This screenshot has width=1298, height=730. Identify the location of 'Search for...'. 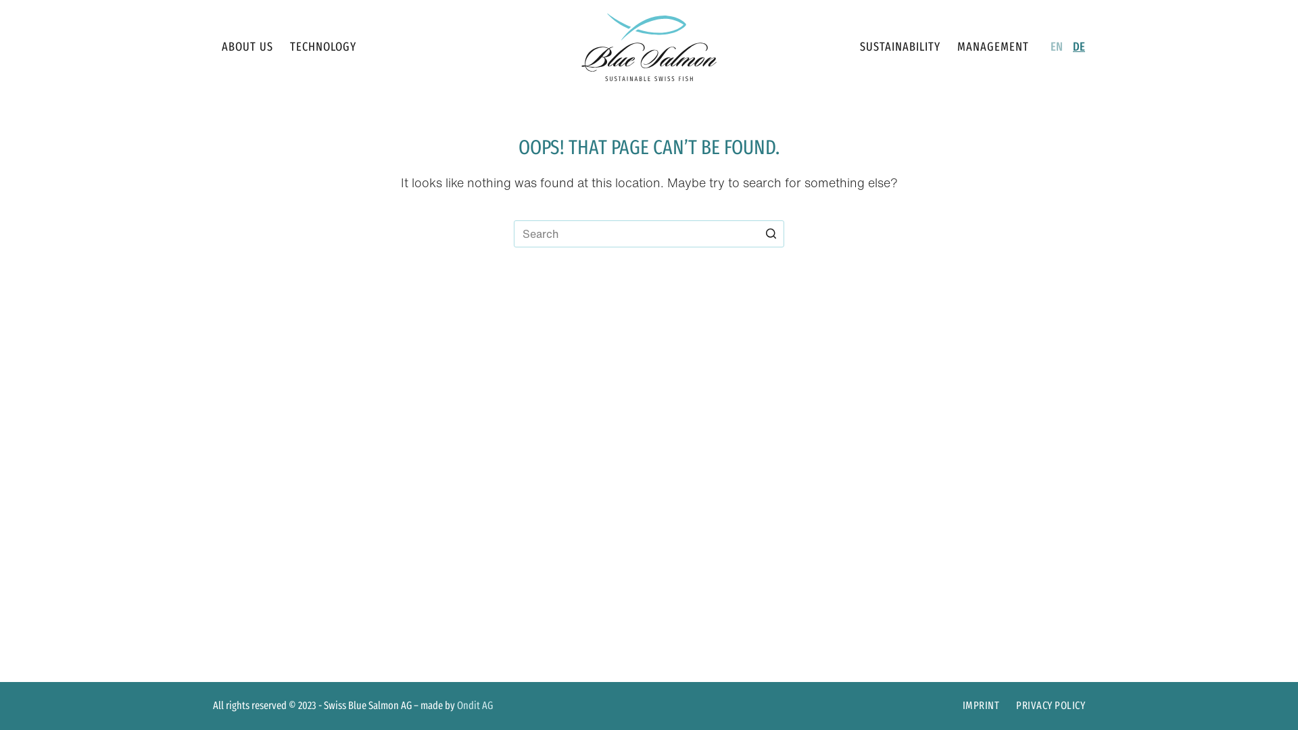
(512, 233).